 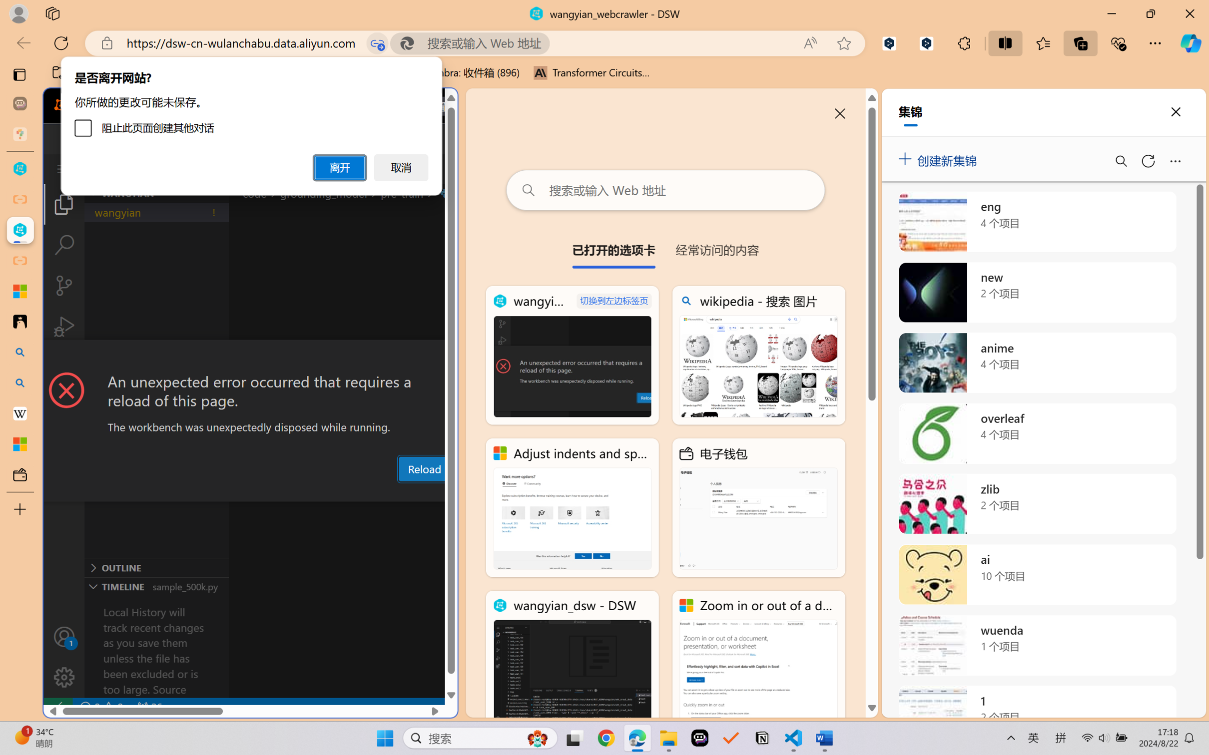 I want to click on 'Transformer Circuits Thread', so click(x=592, y=72).